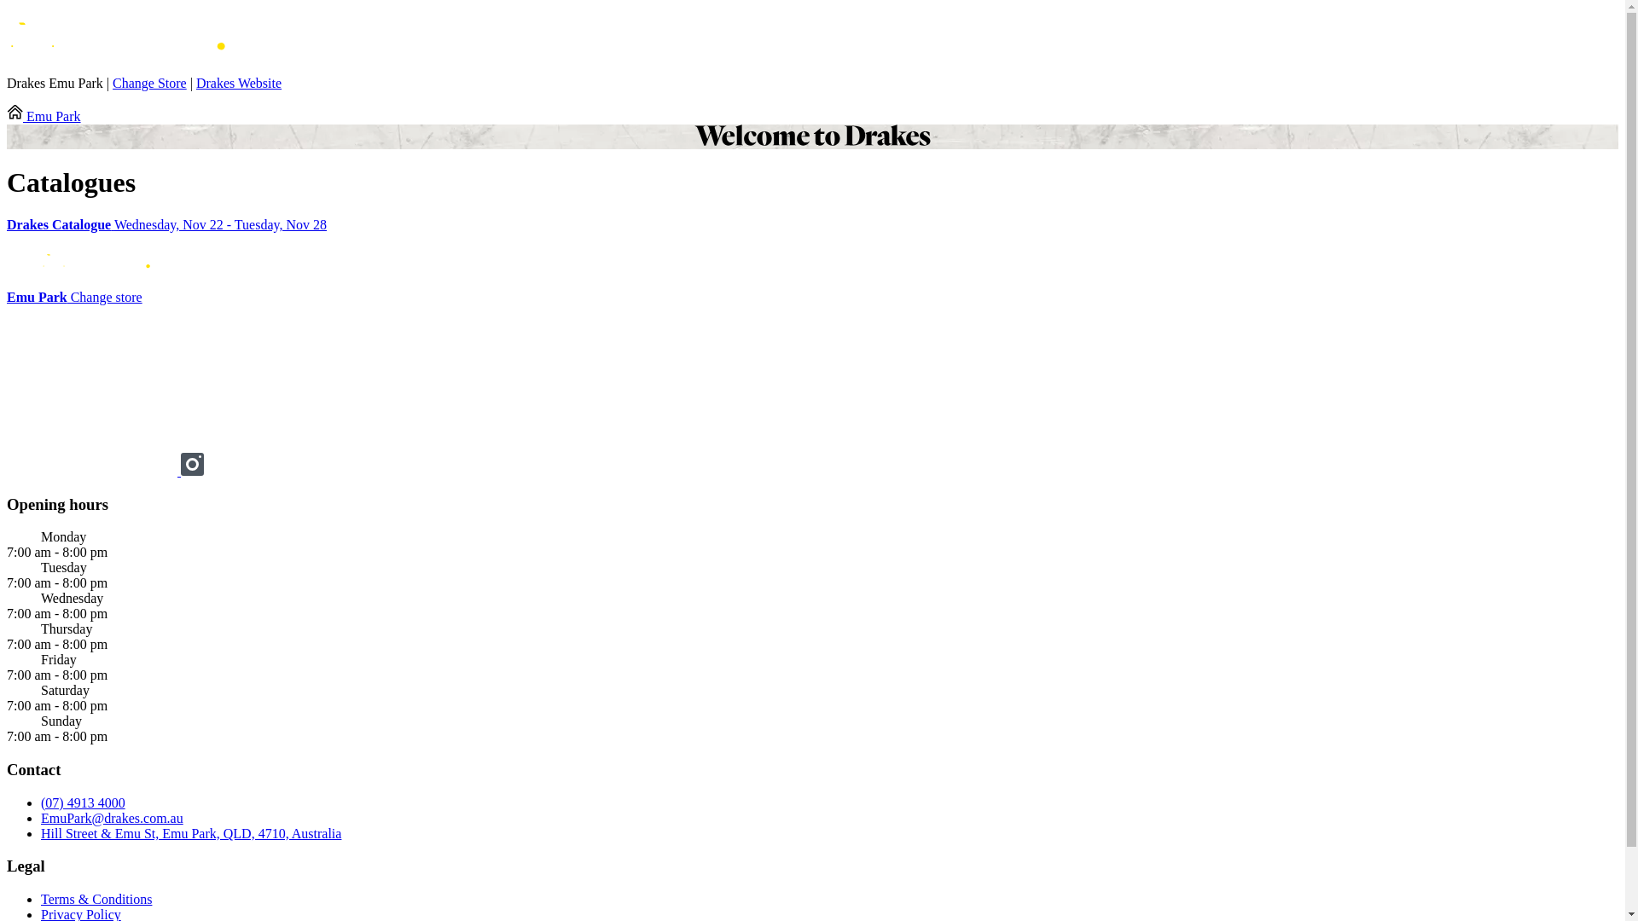 This screenshot has height=921, width=1638. I want to click on 'Emu Park Change store', so click(73, 296).